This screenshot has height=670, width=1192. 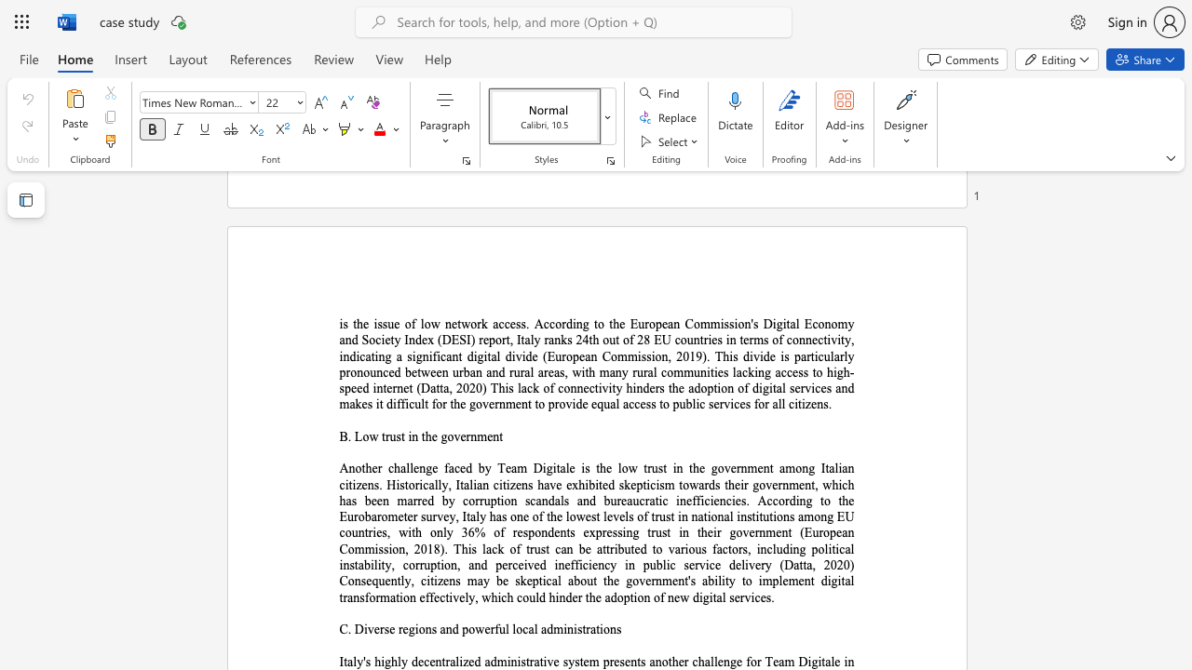 What do you see at coordinates (573, 628) in the screenshot?
I see `the subset text "istrations" within the text "C. Diverse regions and powerful local administrations"` at bounding box center [573, 628].